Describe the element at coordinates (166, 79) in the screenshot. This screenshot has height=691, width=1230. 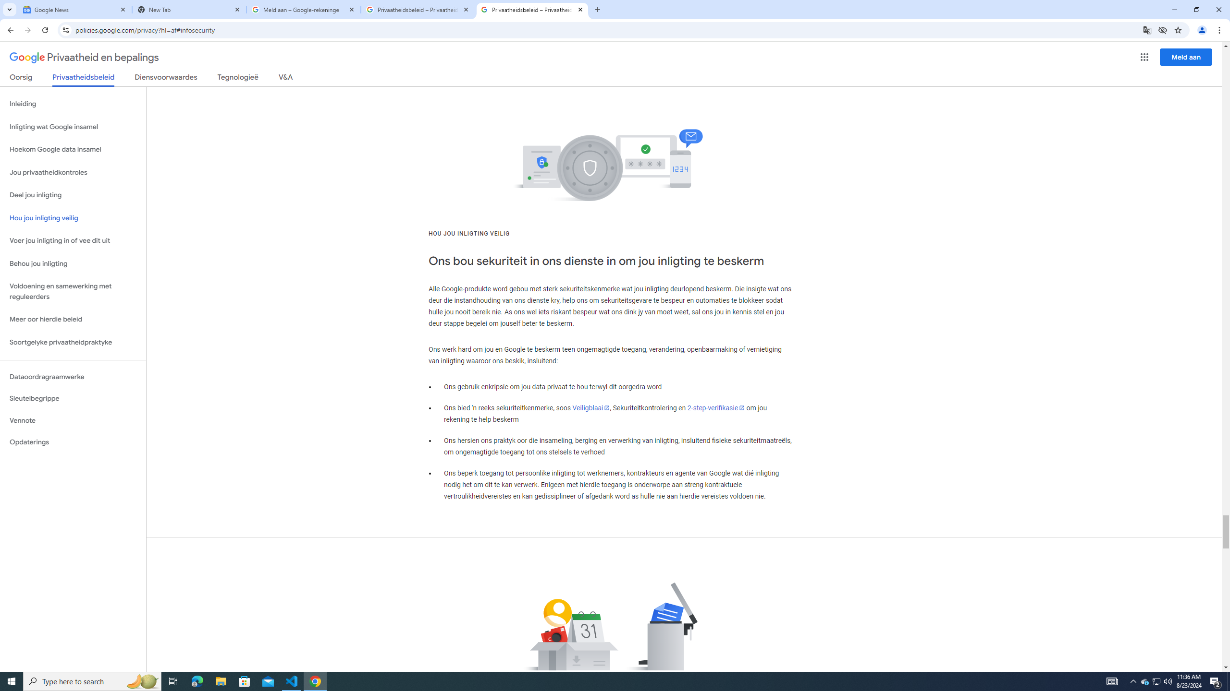
I see `'Diensvoorwaardes'` at that location.